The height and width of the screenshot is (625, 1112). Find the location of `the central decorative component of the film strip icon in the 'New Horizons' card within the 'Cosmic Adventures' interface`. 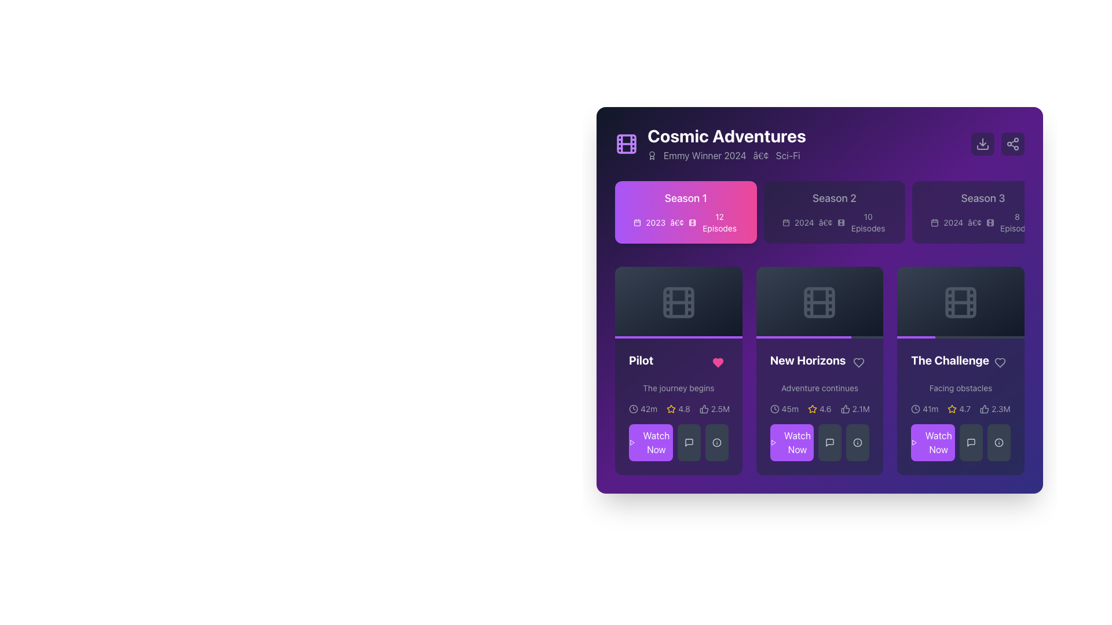

the central decorative component of the film strip icon in the 'New Horizons' card within the 'Cosmic Adventures' interface is located at coordinates (819, 302).